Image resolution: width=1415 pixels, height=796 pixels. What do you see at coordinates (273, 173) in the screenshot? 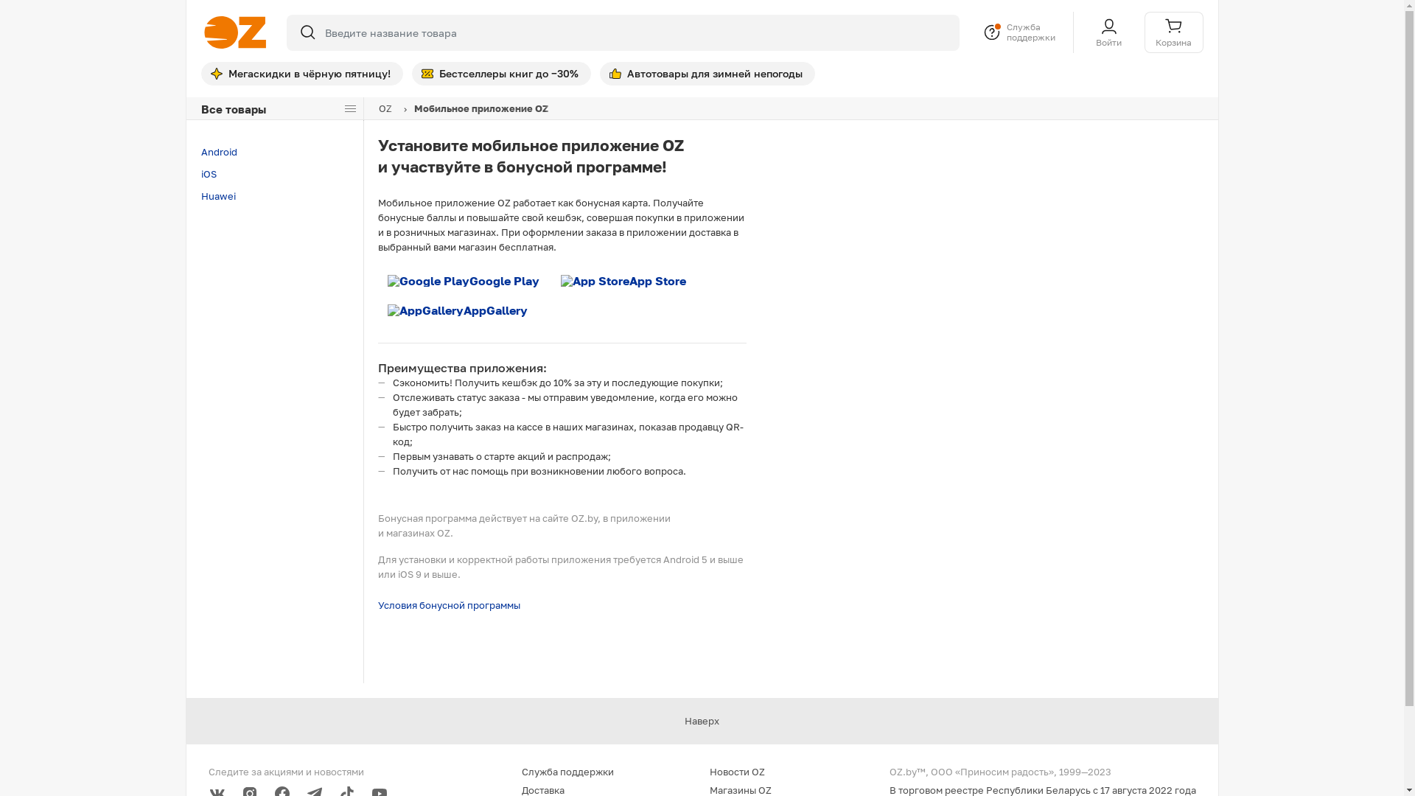
I see `'iOS'` at bounding box center [273, 173].